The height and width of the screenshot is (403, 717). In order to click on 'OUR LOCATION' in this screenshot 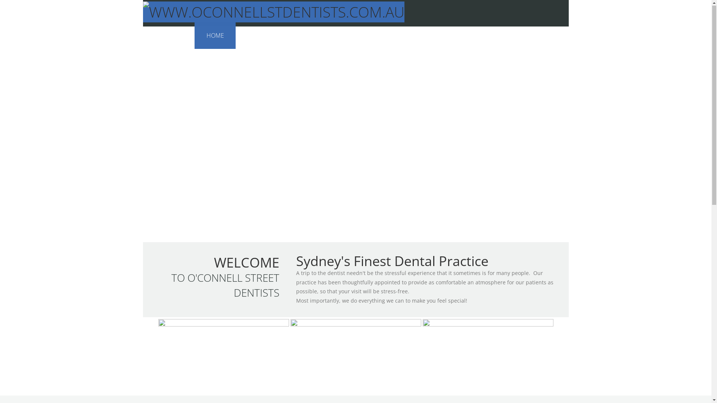, I will do `click(476, 36)`.